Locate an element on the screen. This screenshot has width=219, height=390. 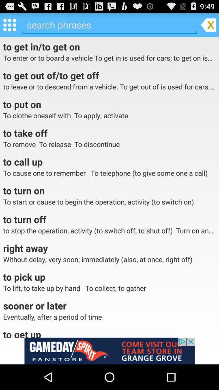
advertisement is located at coordinates (109, 351).